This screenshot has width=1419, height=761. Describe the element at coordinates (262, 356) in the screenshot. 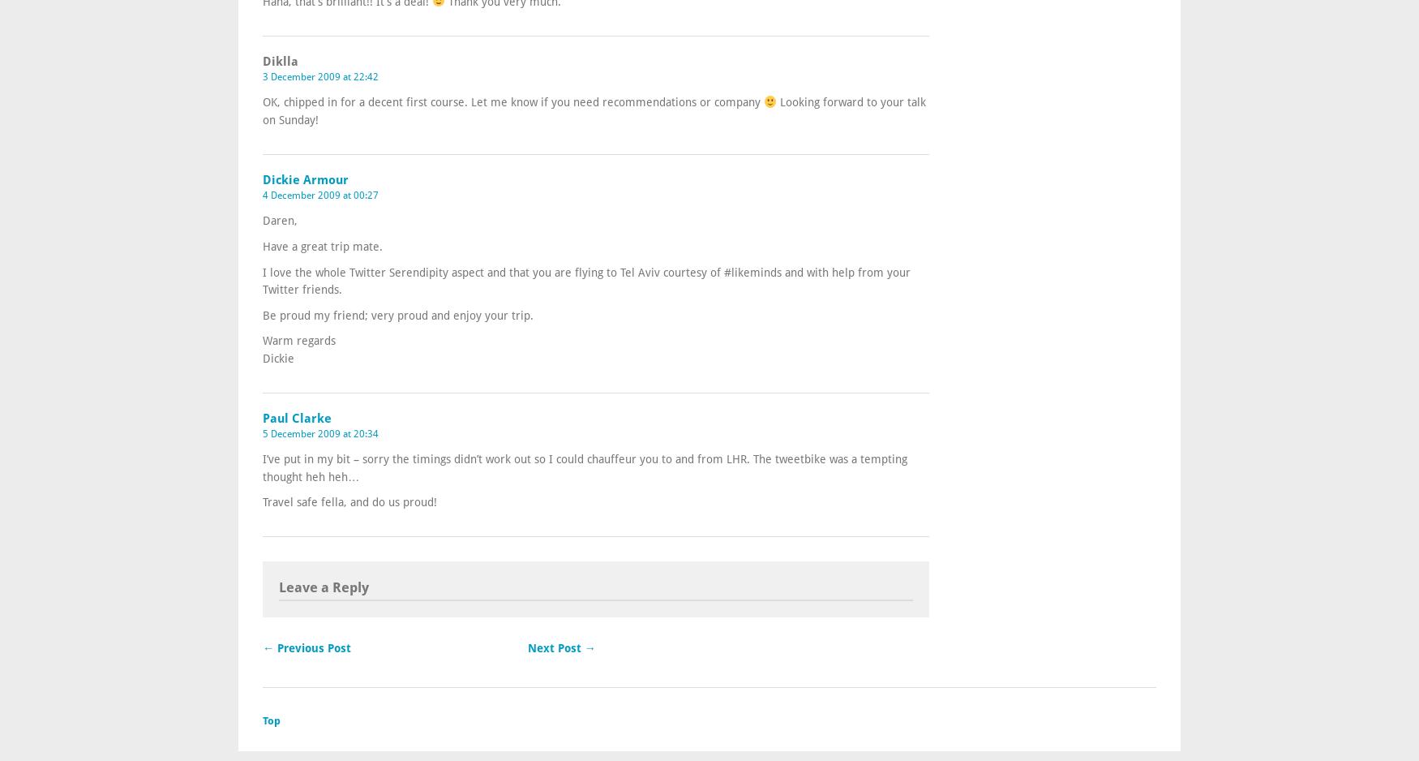

I see `'Dickie'` at that location.